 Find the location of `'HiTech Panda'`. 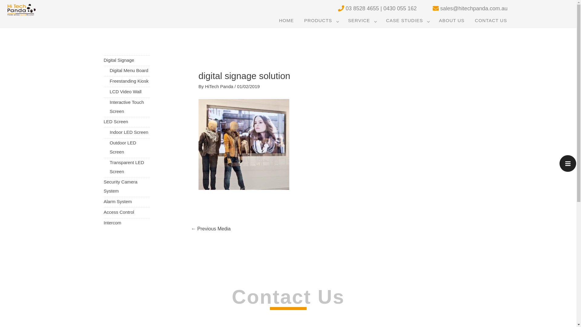

'HiTech Panda' is located at coordinates (219, 86).